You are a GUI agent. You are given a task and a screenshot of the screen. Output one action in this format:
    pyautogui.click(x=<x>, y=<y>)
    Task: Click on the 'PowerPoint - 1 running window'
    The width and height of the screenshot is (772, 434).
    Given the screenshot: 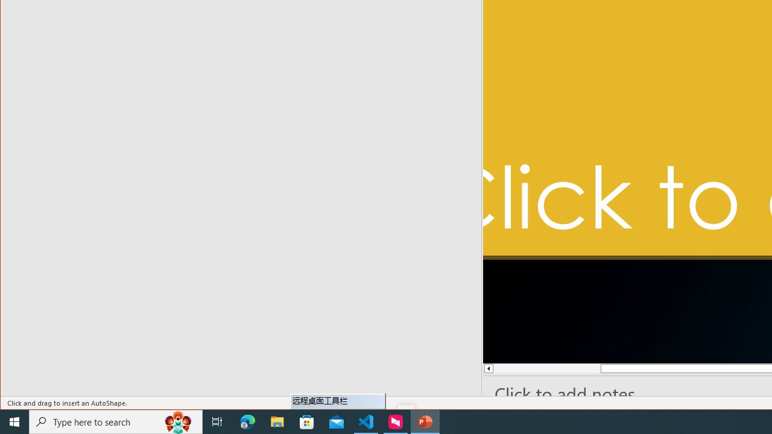 What is the action you would take?
    pyautogui.click(x=425, y=421)
    